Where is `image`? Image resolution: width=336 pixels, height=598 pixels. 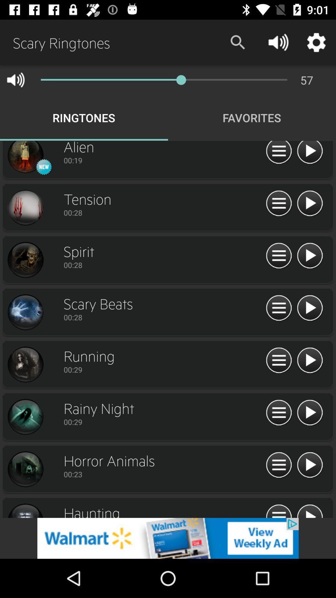
image is located at coordinates (25, 417).